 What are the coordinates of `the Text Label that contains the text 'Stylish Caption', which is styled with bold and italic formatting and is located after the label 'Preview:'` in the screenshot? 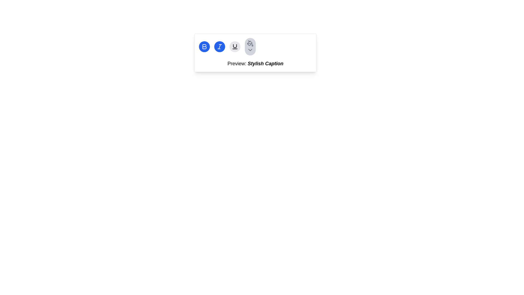 It's located at (266, 63).